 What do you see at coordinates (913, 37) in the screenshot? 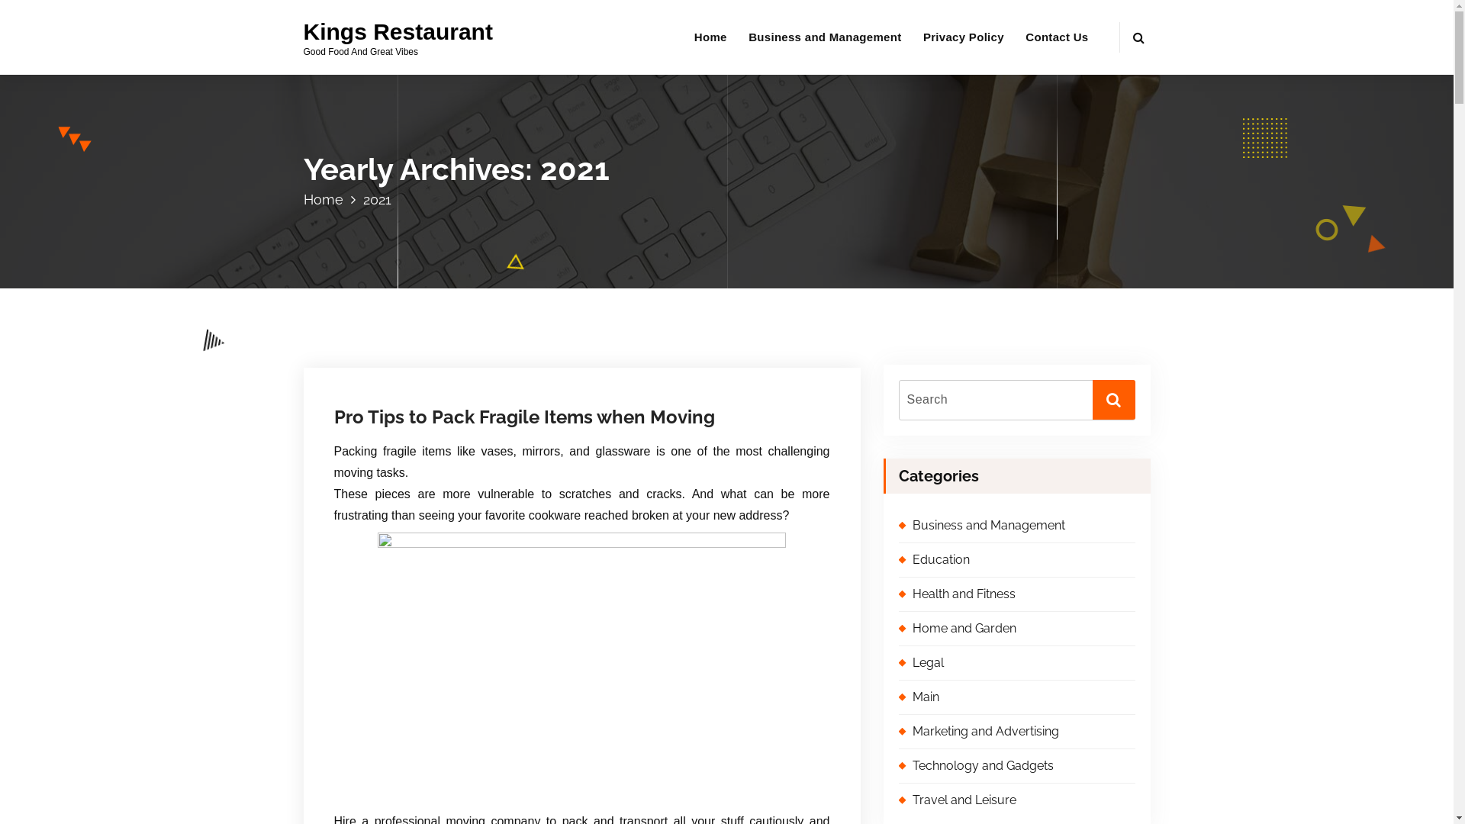
I see `'Privacy Policy'` at bounding box center [913, 37].